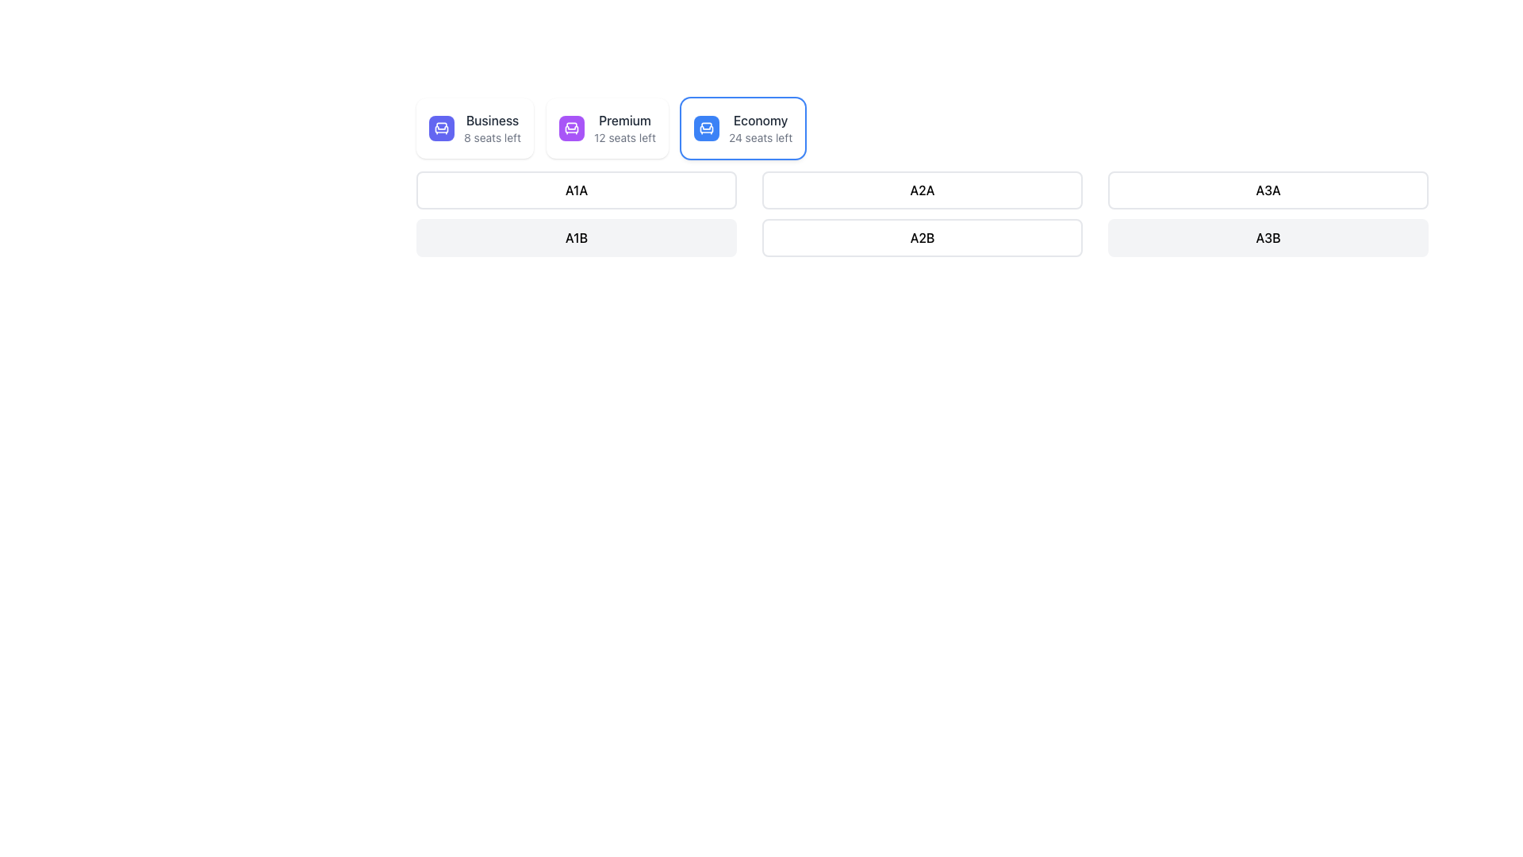  Describe the element at coordinates (571, 128) in the screenshot. I see `the Decorative icon button that visually represents the 'Premium' category, positioned between the 'Business' button and the 'Economy' button` at that location.